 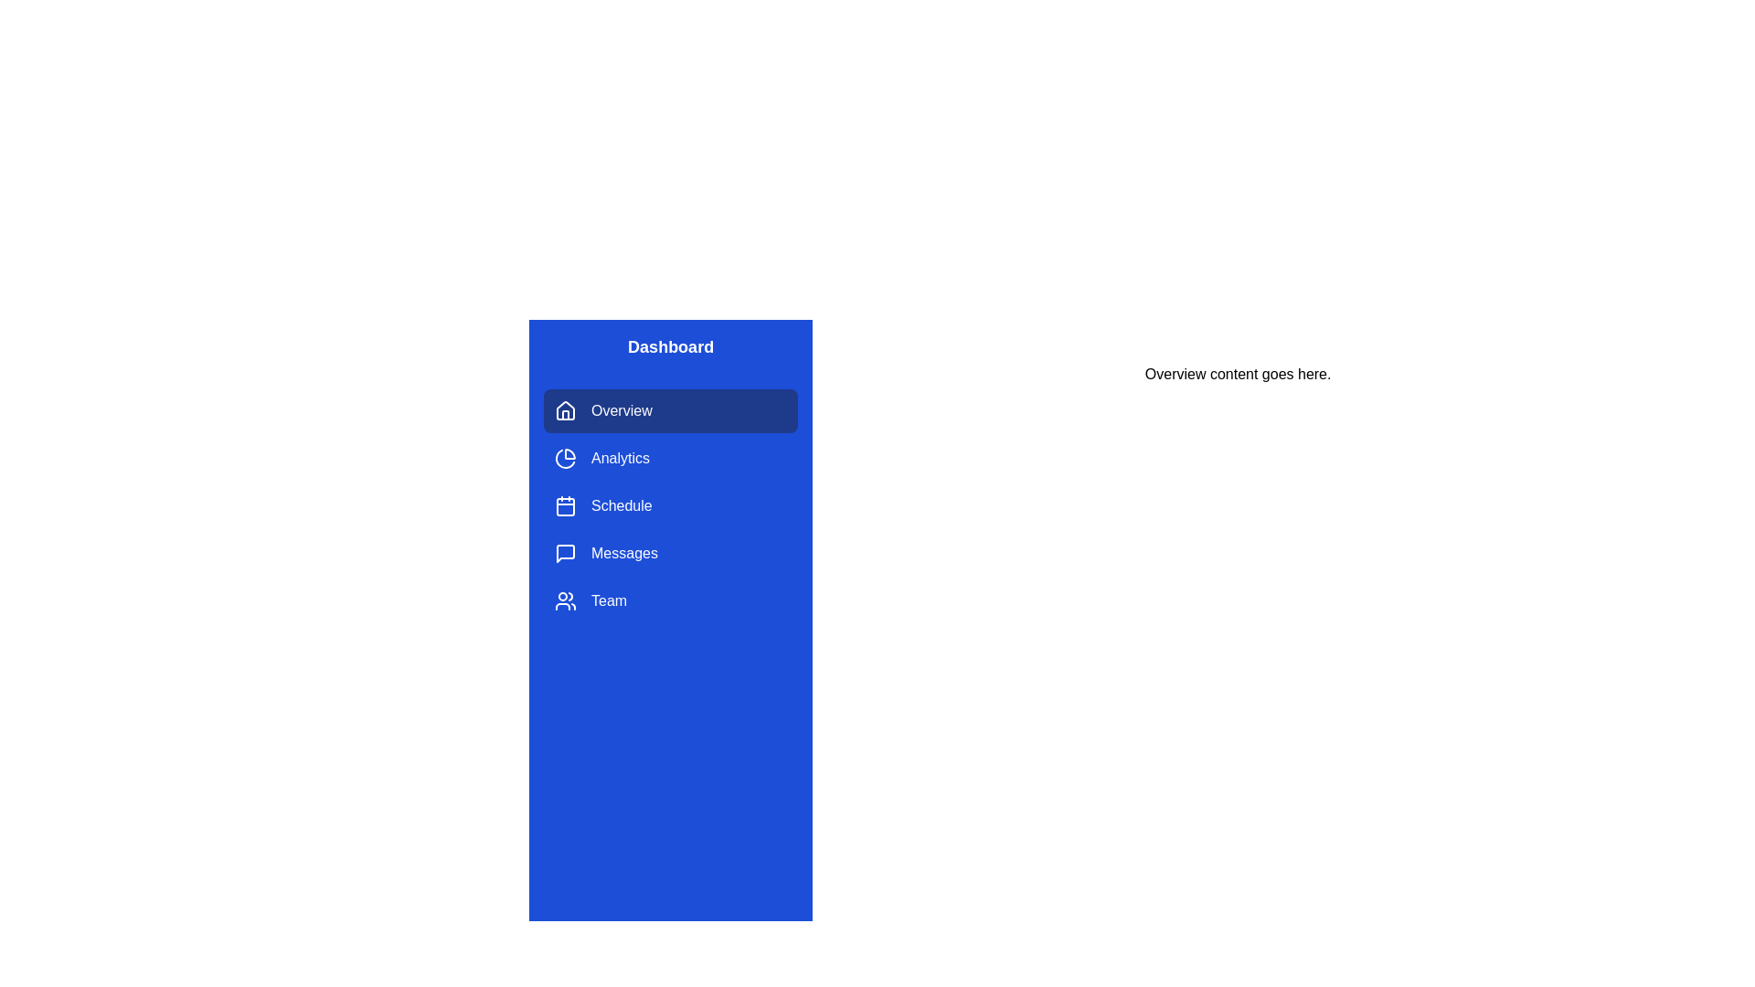 I want to click on the second item in the vertical navigation menu located in the blue sidebar titled 'Dashboard', so click(x=670, y=506).